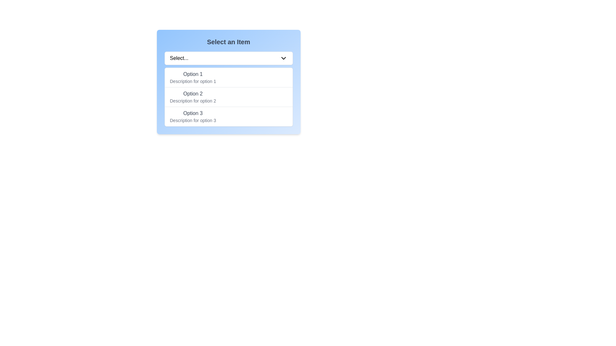  I want to click on the label that displays the bolded text 'Option 2', which is styled with a medium font size and gray coloring, located in the second row of the dropdown or selection list, so click(193, 94).